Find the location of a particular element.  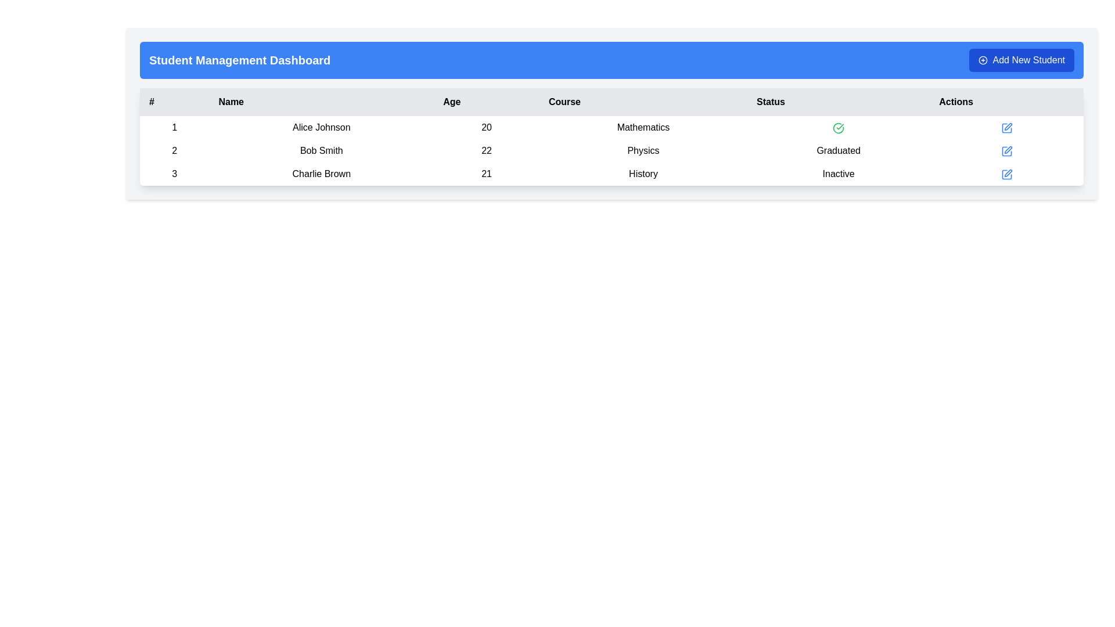

the text component displaying 'History' in the third row of the table under the 'Course' column is located at coordinates (643, 174).